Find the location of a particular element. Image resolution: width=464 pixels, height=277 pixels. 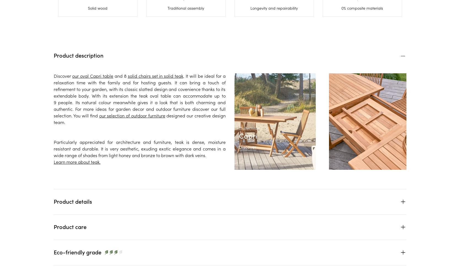

'our selection of outdoor furniture' is located at coordinates (131, 115).